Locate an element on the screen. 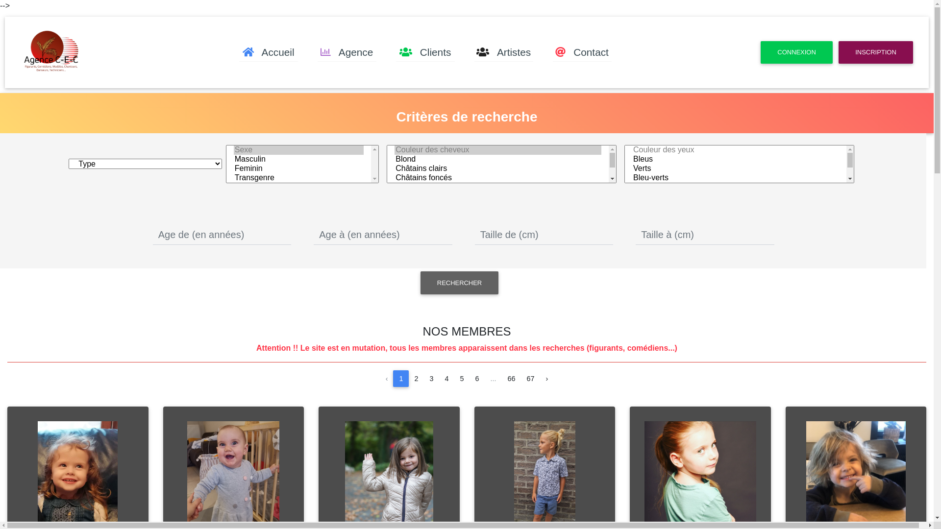 Image resolution: width=941 pixels, height=529 pixels. 'RECHERCHER' is located at coordinates (459, 283).